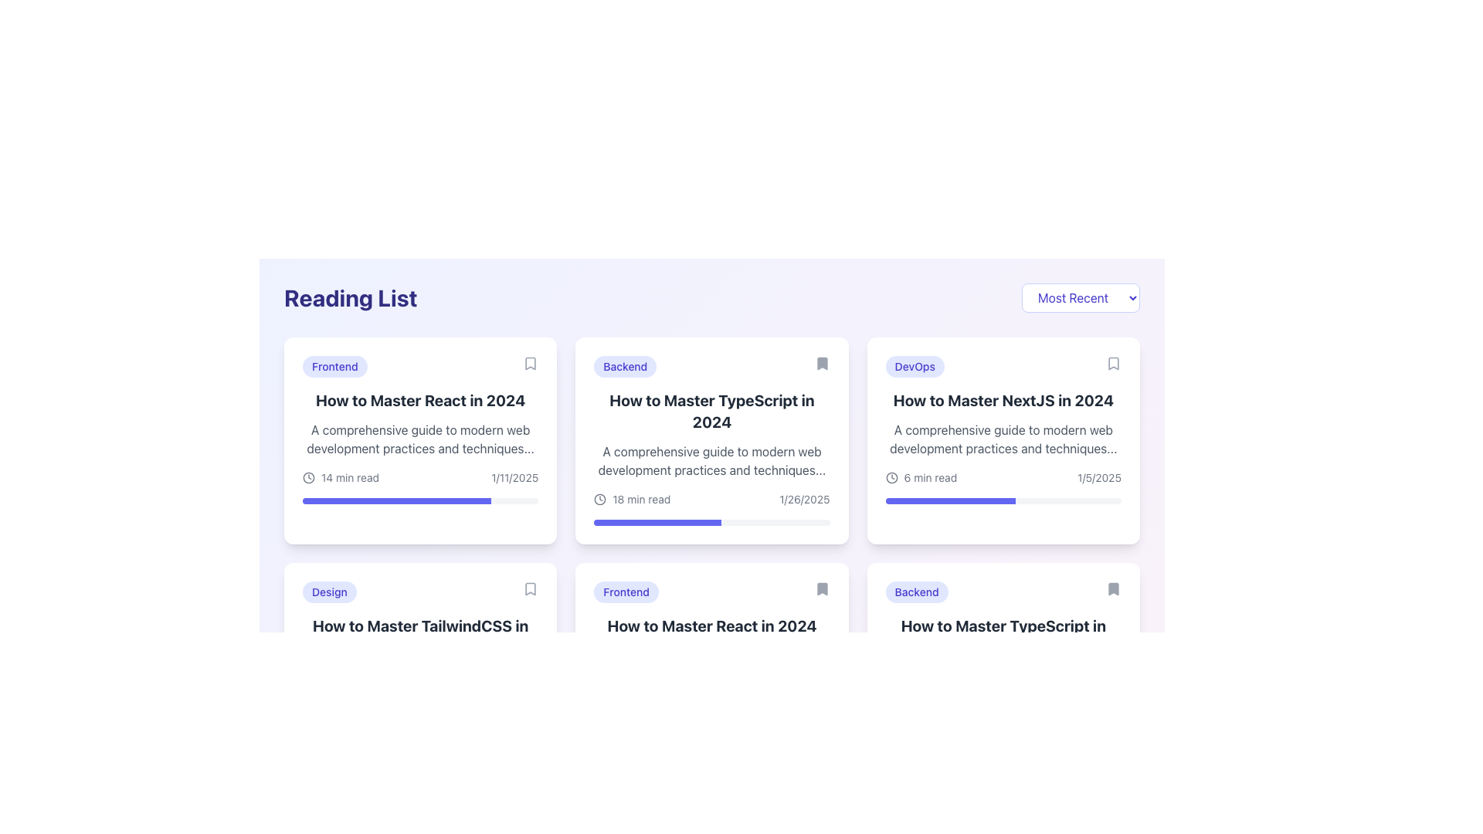  What do you see at coordinates (711, 625) in the screenshot?
I see `the title text of the second card in the second row, which provides a summary for the associated card and is centrally located below a 'Frontend' tag` at bounding box center [711, 625].